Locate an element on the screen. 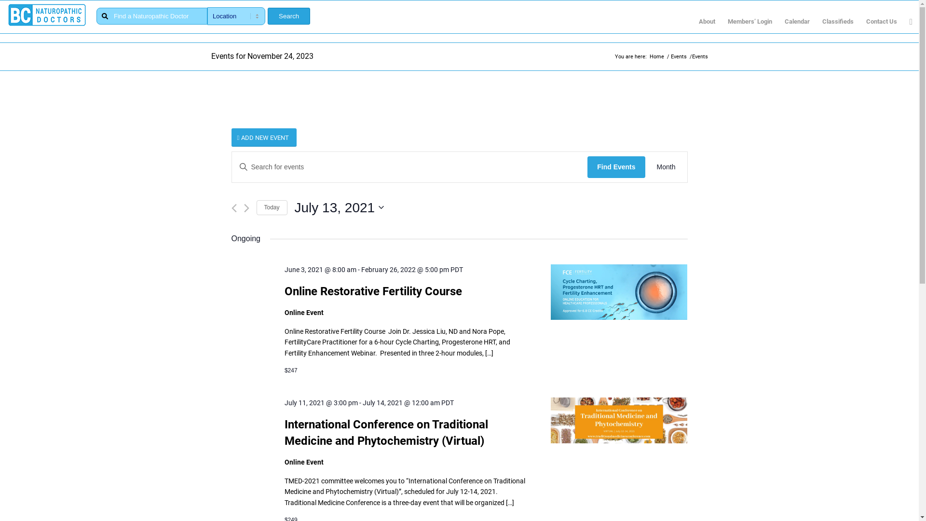 The width and height of the screenshot is (926, 521). 'About' is located at coordinates (707, 22).